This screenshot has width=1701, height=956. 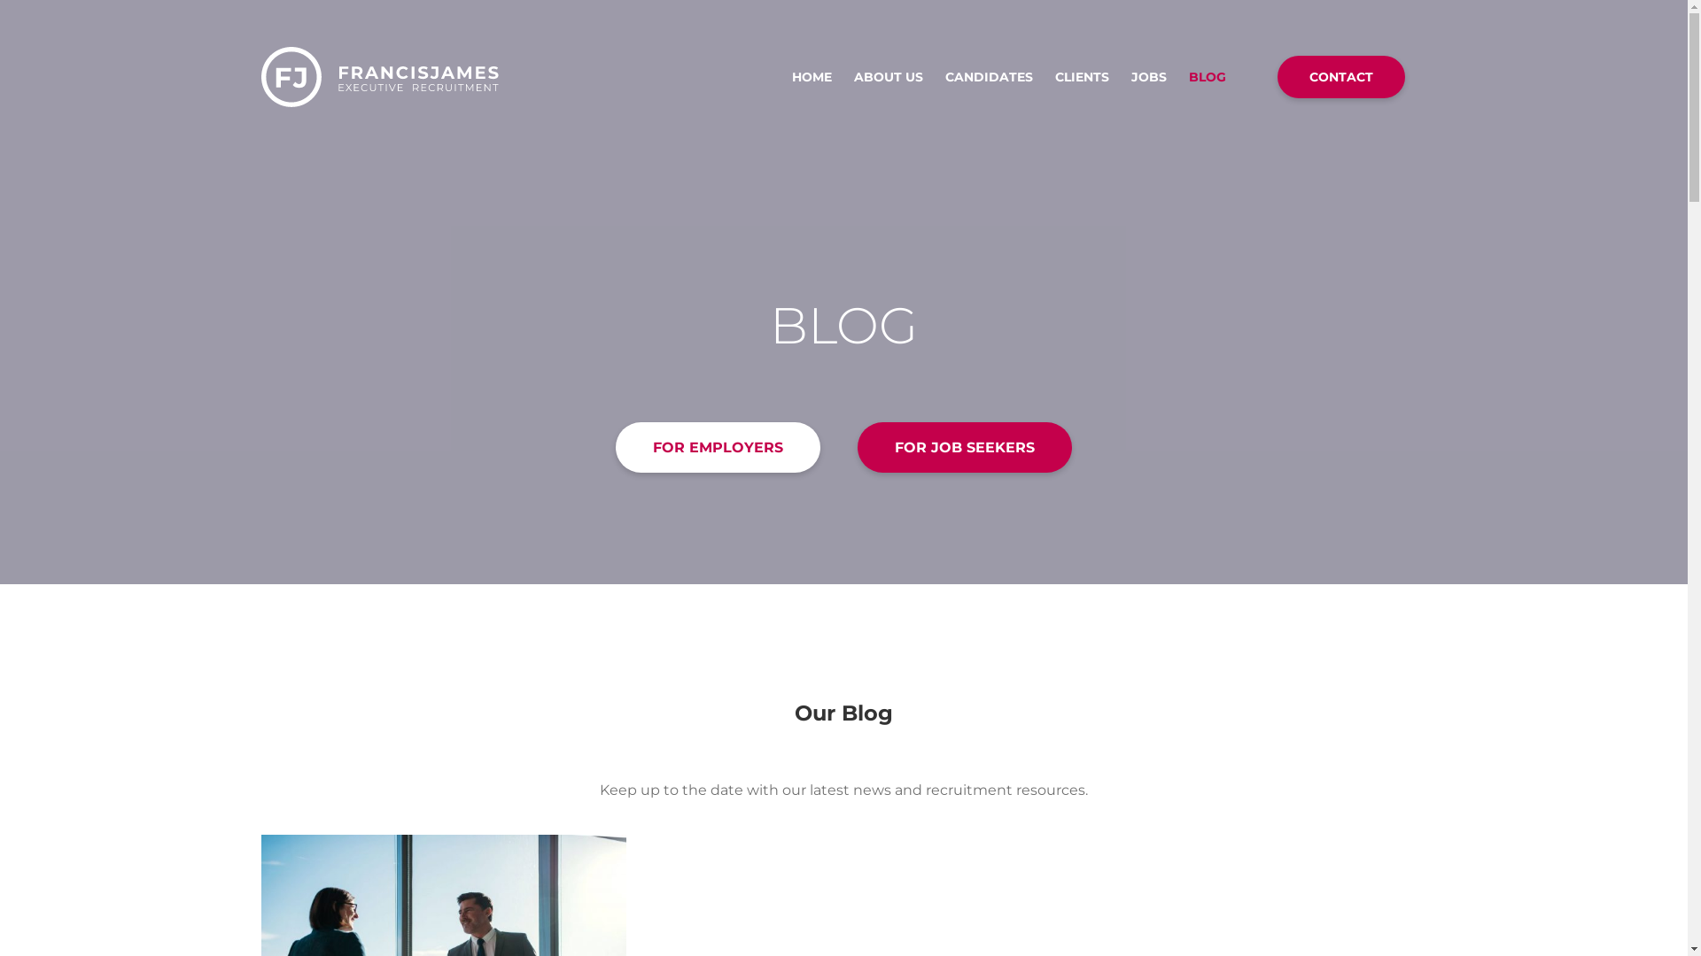 I want to click on 'FOR JOB SEEKERS', so click(x=964, y=446).